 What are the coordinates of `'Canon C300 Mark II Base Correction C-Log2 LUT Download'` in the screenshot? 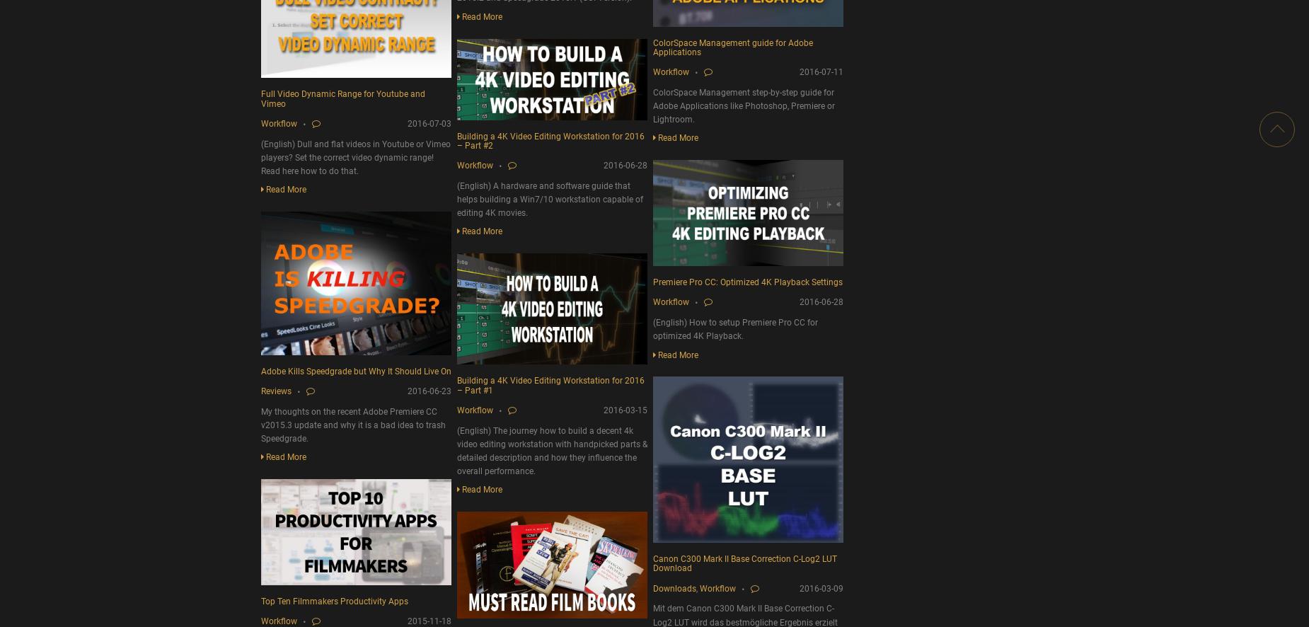 It's located at (744, 563).